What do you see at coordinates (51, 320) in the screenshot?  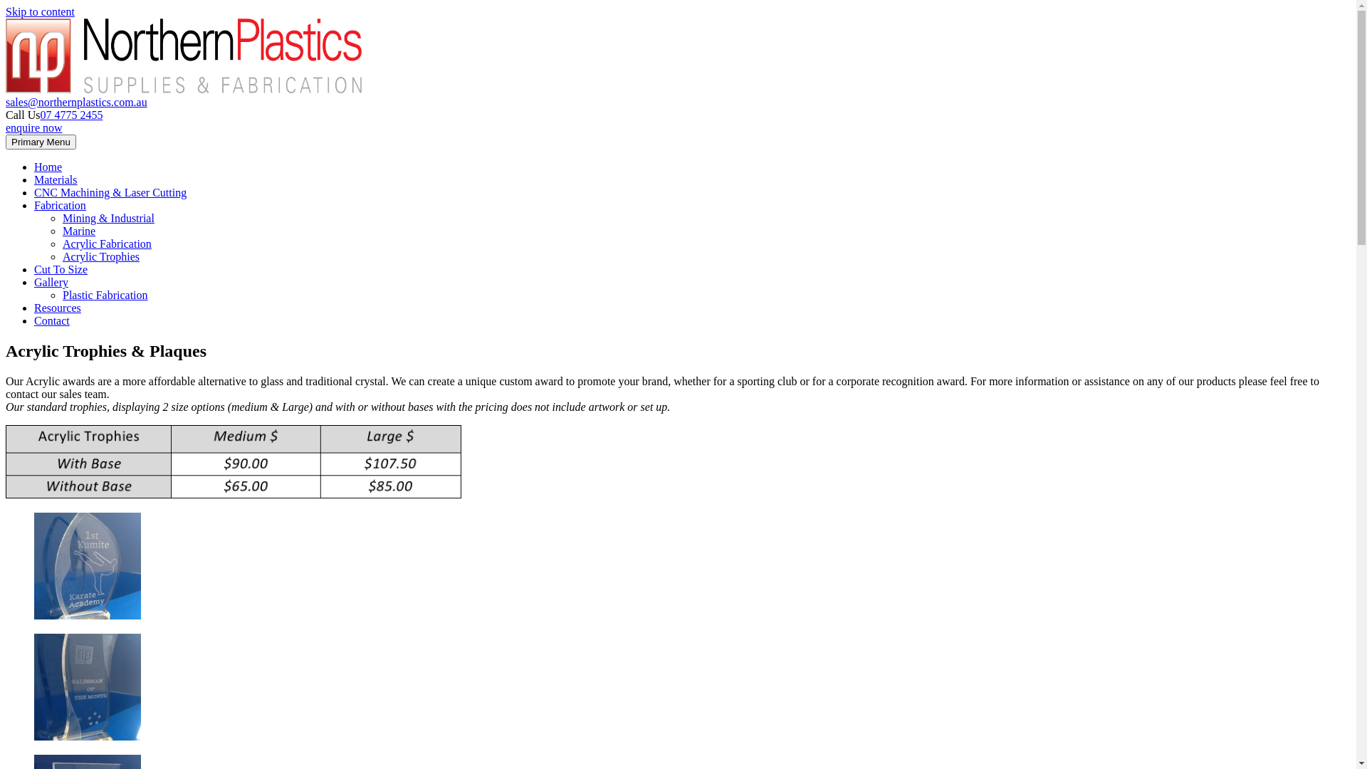 I see `'Contact'` at bounding box center [51, 320].